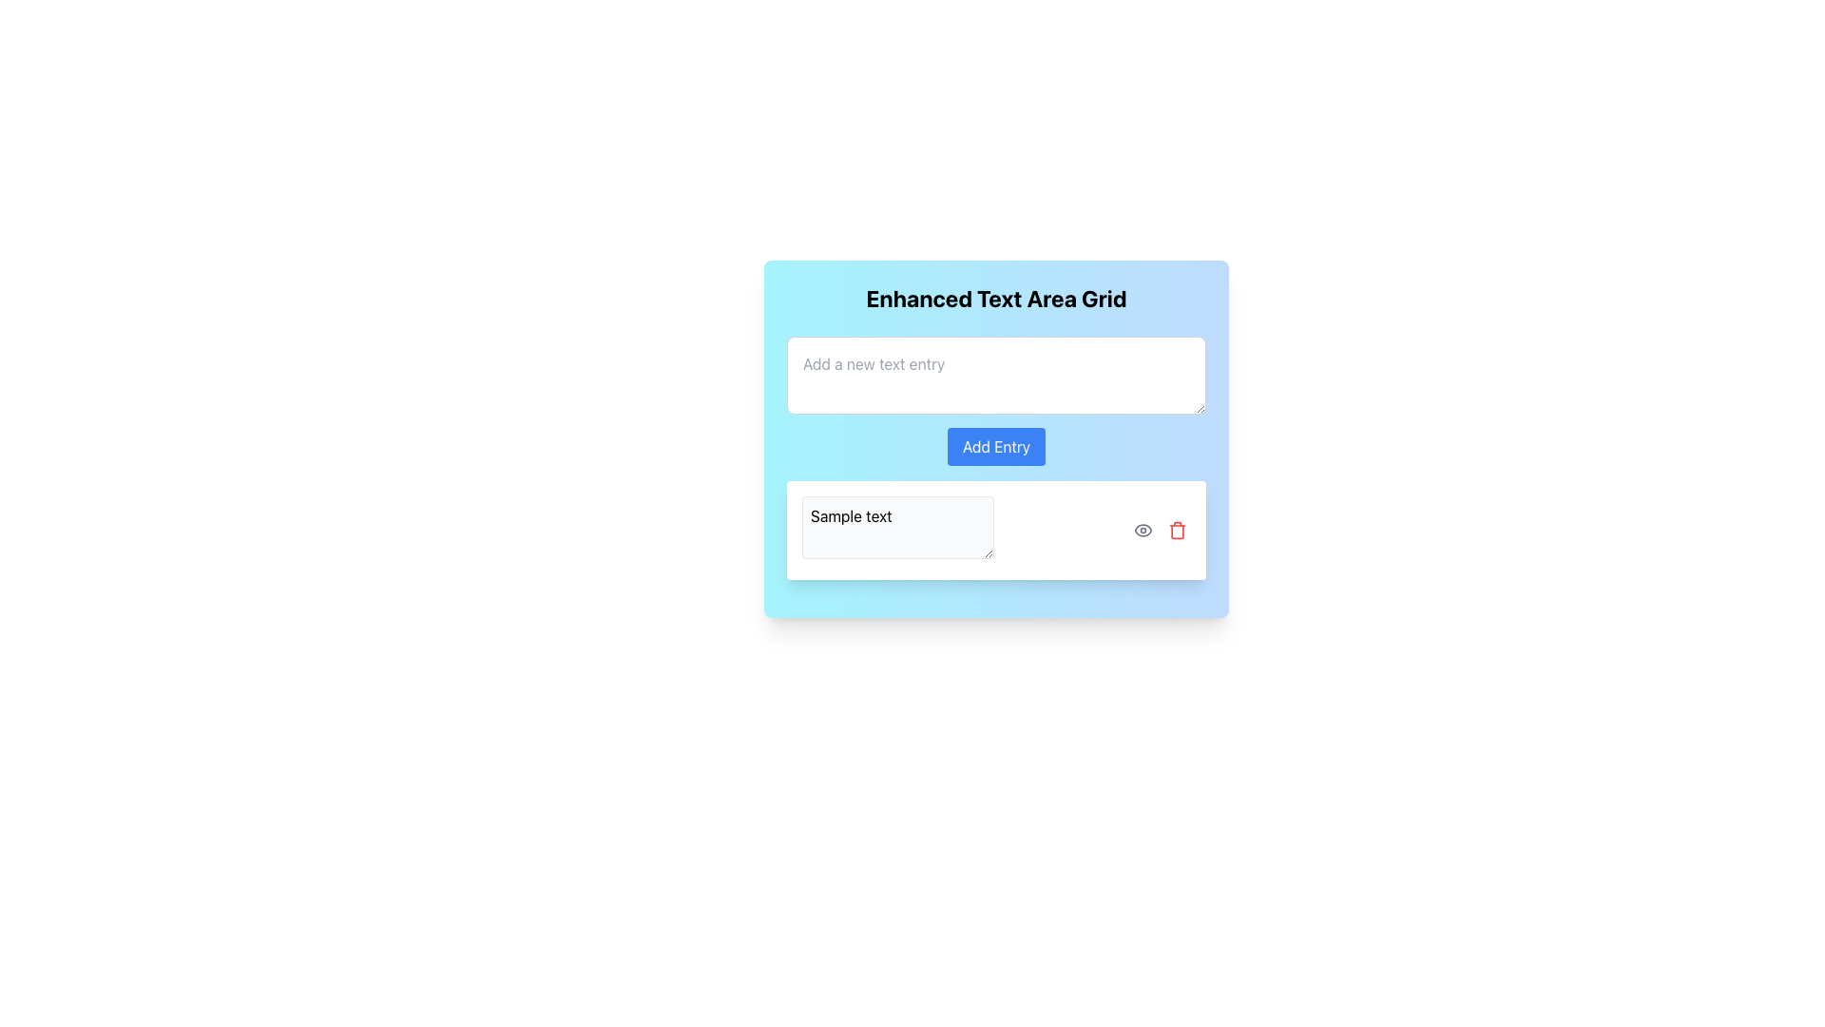 Image resolution: width=1825 pixels, height=1027 pixels. I want to click on the red trash can delete button to observe its hover effects, so click(1176, 531).